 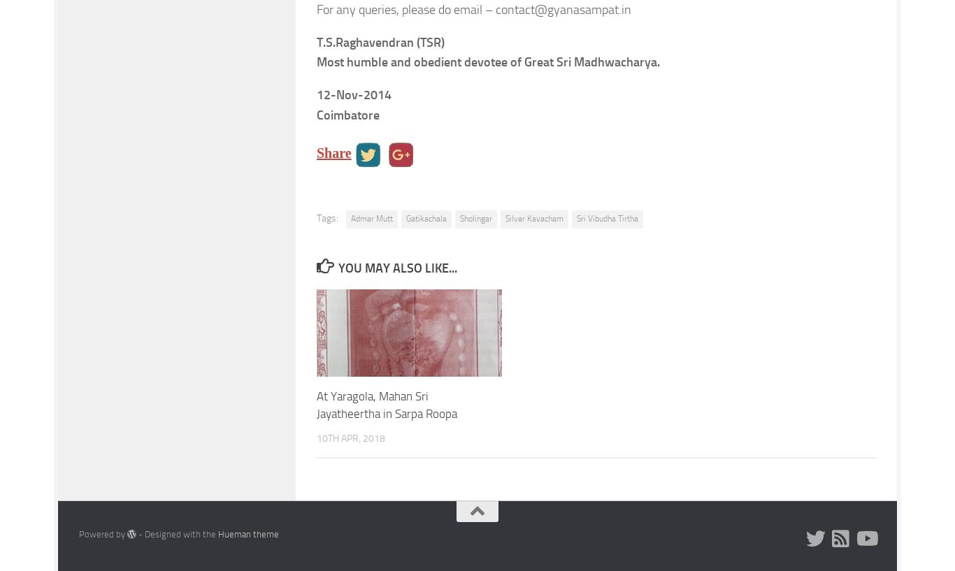 I want to click on '12-Nov-2014', so click(x=315, y=95).